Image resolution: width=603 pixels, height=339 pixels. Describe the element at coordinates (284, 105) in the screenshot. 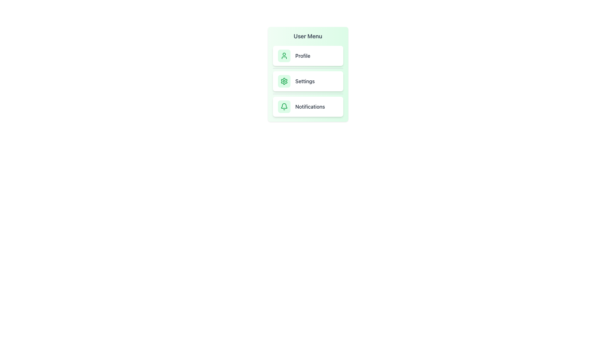

I see `the Decorative component within the bell icon in the Notifications section of the menu interface` at that location.